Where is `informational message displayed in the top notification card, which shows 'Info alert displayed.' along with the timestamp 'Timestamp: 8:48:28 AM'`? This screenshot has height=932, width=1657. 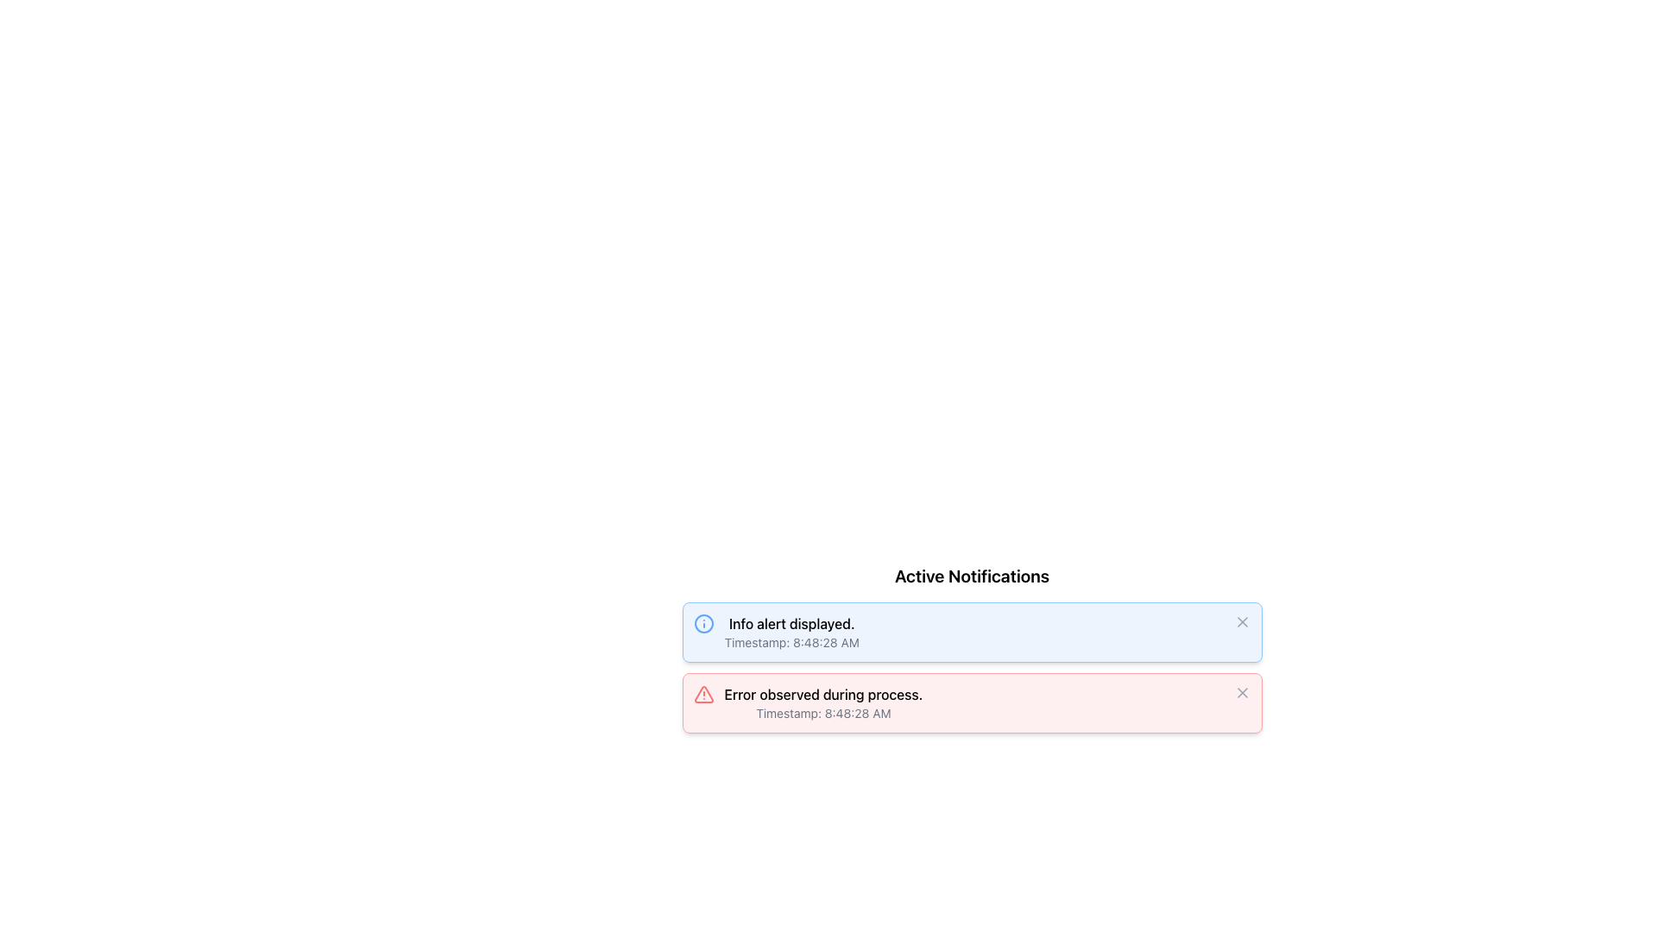
informational message displayed in the top notification card, which shows 'Info alert displayed.' along with the timestamp 'Timestamp: 8:48:28 AM' is located at coordinates (791, 632).